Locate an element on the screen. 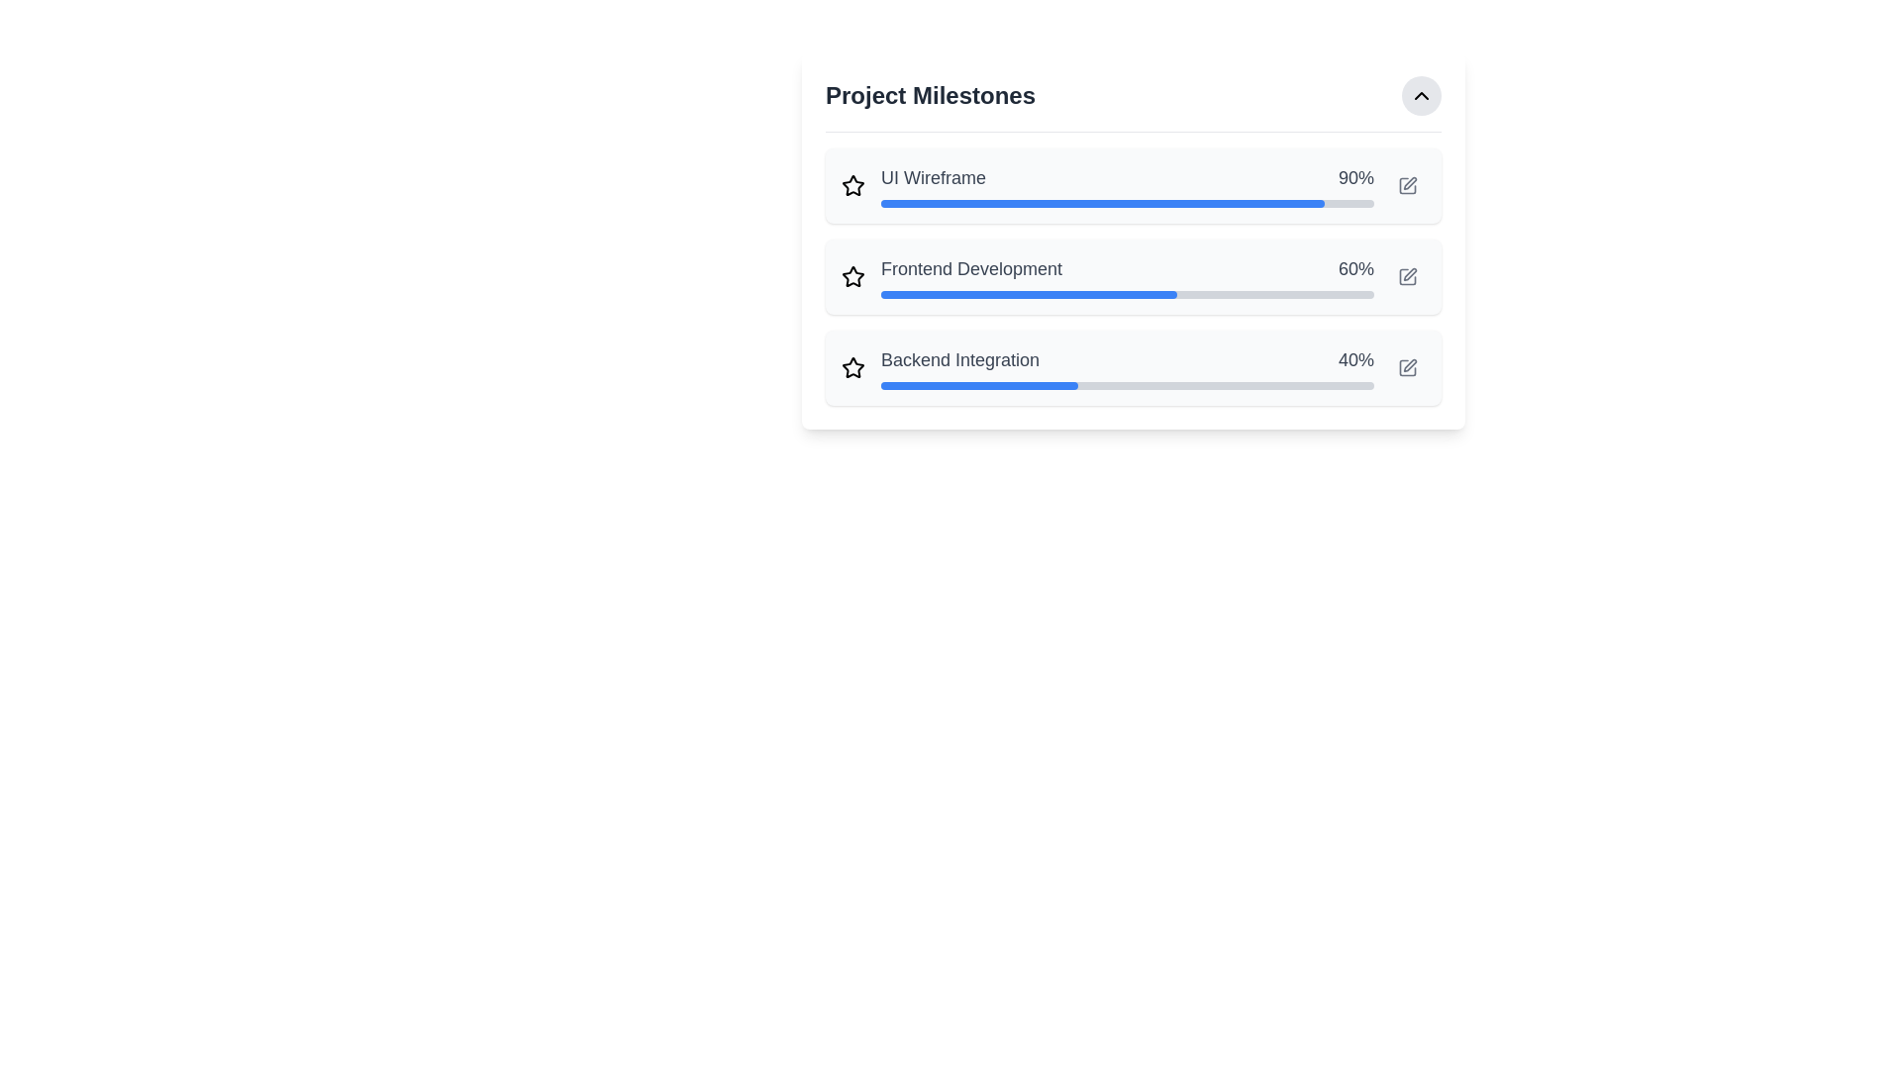 This screenshot has height=1069, width=1901. the square icon button with a pencil overlay, indicating 'edit' functionality, located at the right side of the 'Backend Integration' progress bar to change its color is located at coordinates (1406, 367).